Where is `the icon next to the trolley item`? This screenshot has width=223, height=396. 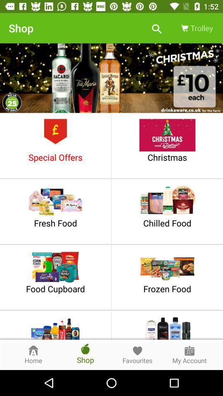 the icon next to the trolley item is located at coordinates (157, 28).